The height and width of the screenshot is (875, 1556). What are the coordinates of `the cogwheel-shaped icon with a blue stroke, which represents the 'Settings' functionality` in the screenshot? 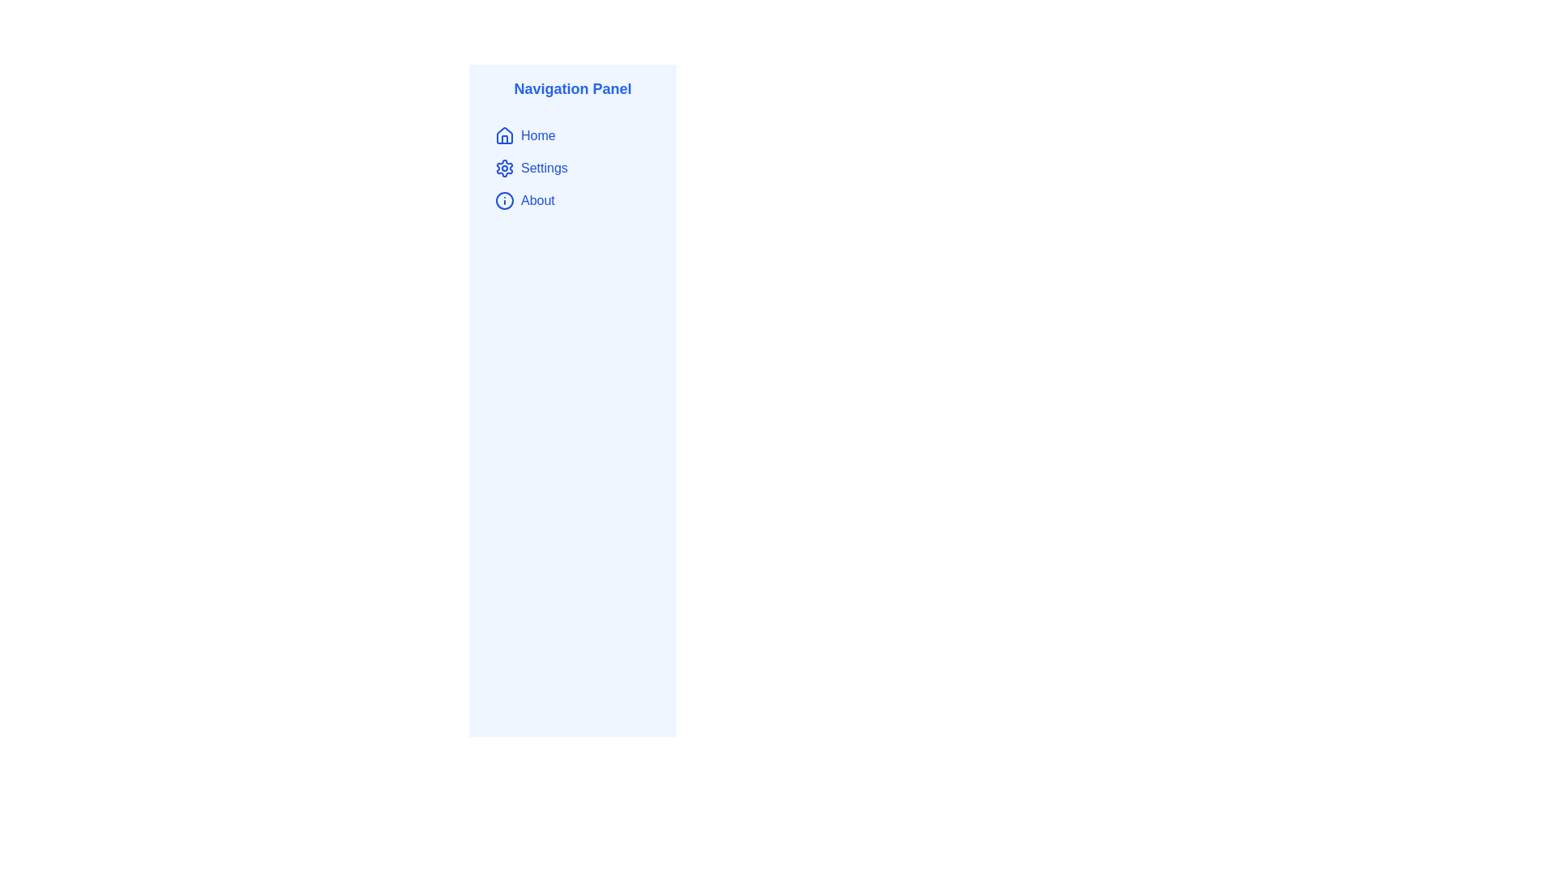 It's located at (504, 169).